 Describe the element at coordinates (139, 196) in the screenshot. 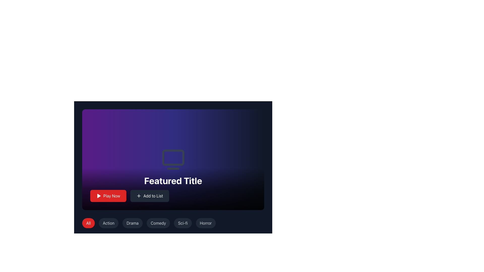

I see `the graphical icon that symbolizes the action` at that location.